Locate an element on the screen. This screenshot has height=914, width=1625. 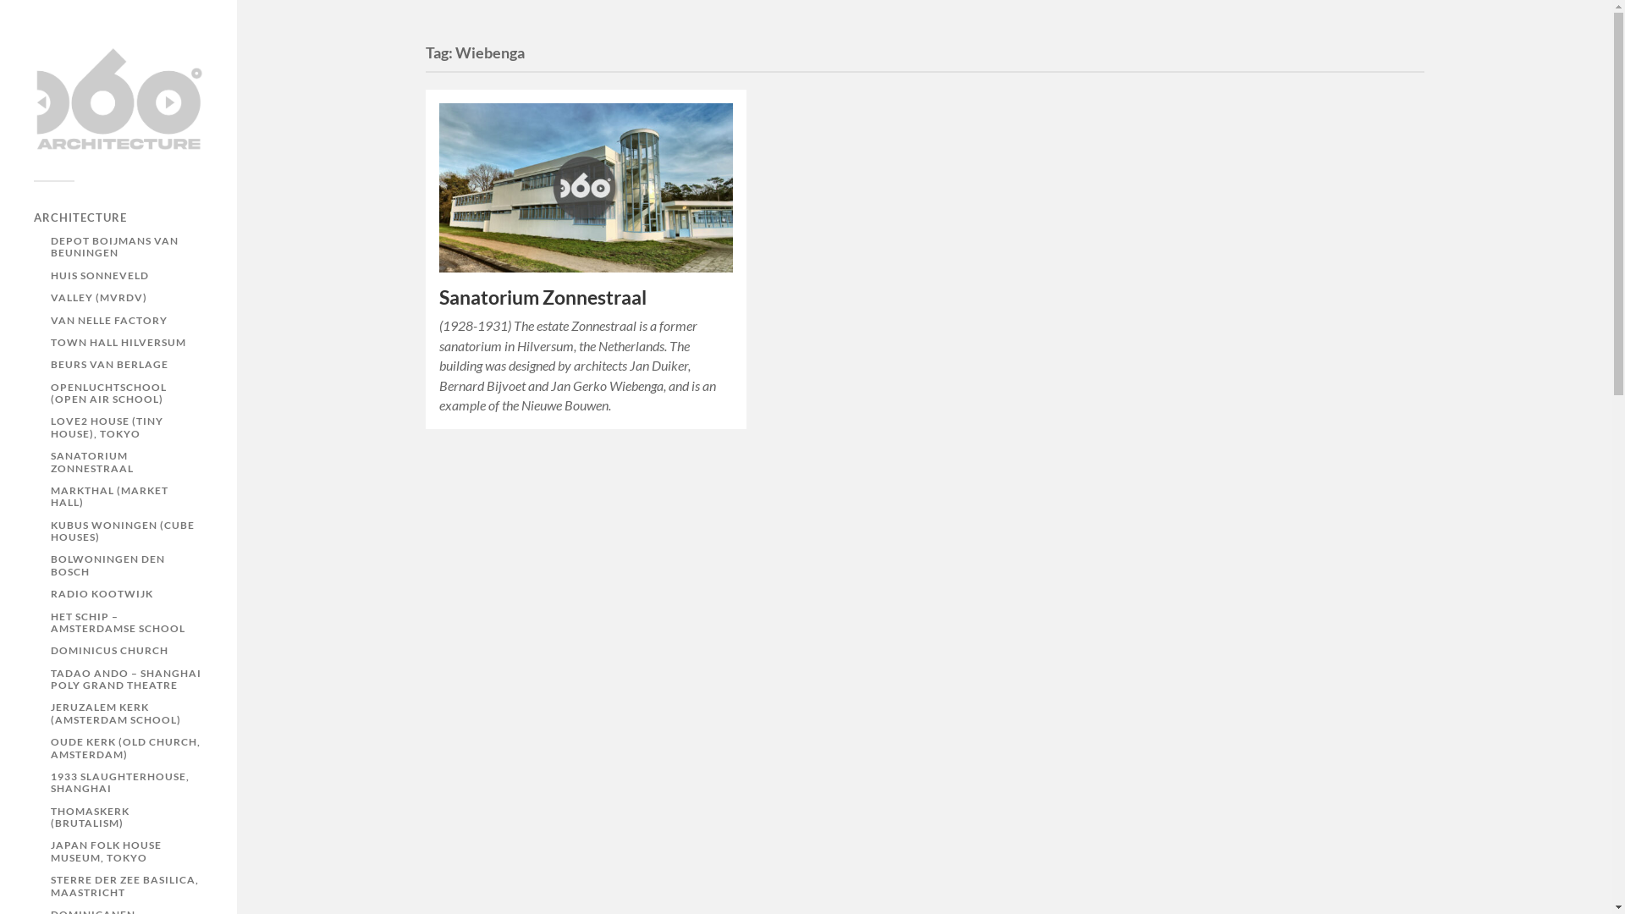
'HUIS SONNEVELD' is located at coordinates (50, 274).